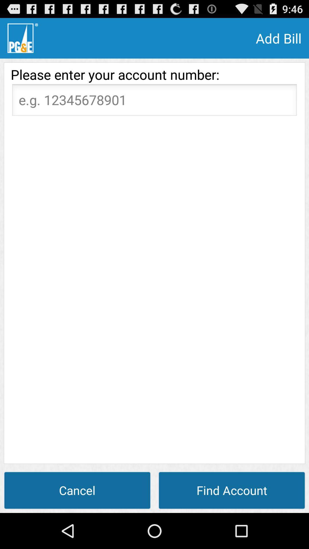  What do you see at coordinates (77, 490) in the screenshot?
I see `the item to the left of find account` at bounding box center [77, 490].